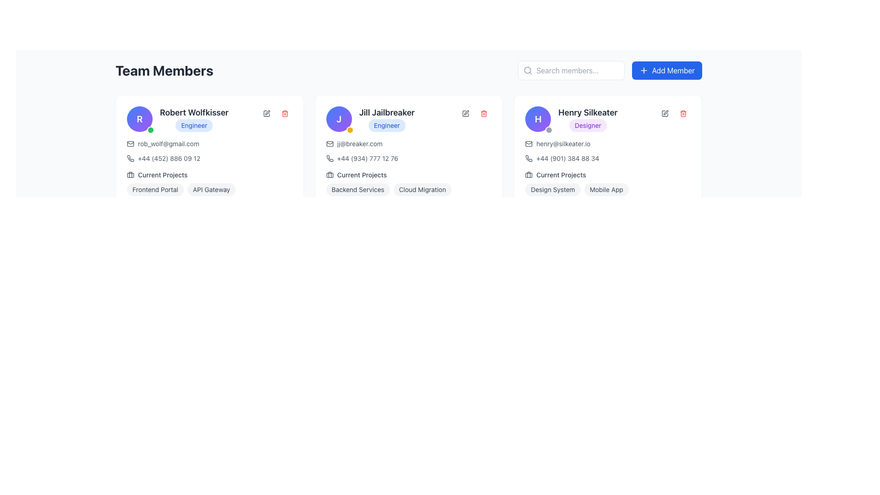 The image size is (880, 495). What do you see at coordinates (151, 130) in the screenshot?
I see `the Status indicator located at the bottom-right corner of the avatar for Robert Wolfkisser's card` at bounding box center [151, 130].